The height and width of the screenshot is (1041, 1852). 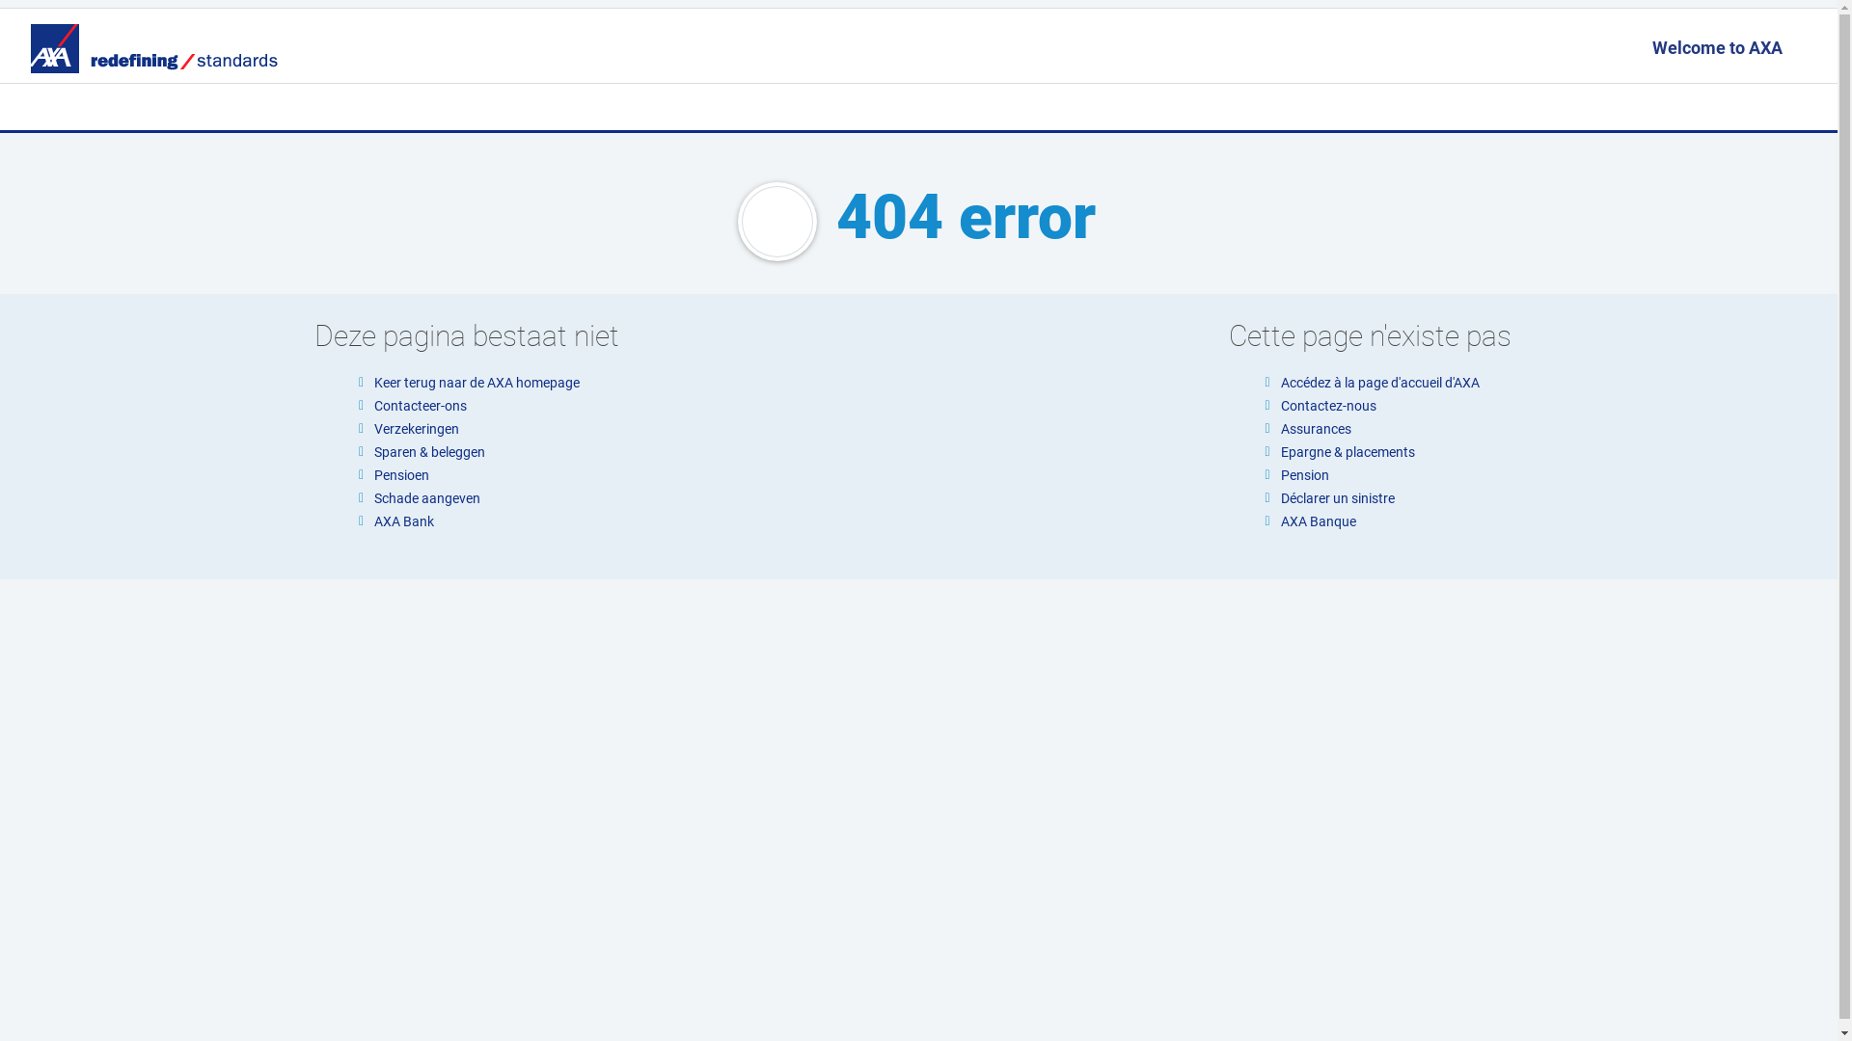 What do you see at coordinates (374, 475) in the screenshot?
I see `'Pensioen'` at bounding box center [374, 475].